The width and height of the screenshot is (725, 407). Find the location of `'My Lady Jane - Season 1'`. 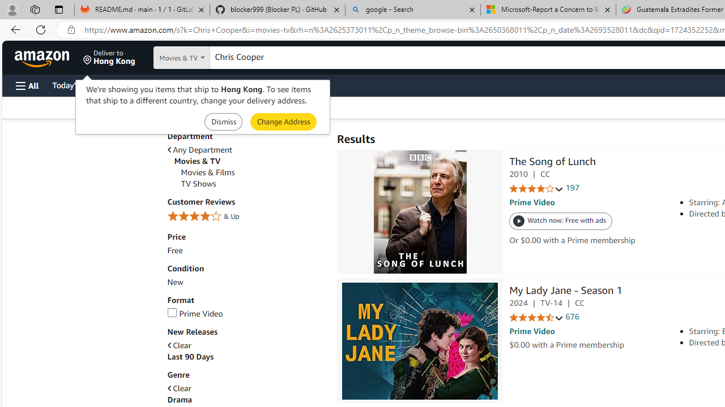

'My Lady Jane - Season 1' is located at coordinates (566, 291).